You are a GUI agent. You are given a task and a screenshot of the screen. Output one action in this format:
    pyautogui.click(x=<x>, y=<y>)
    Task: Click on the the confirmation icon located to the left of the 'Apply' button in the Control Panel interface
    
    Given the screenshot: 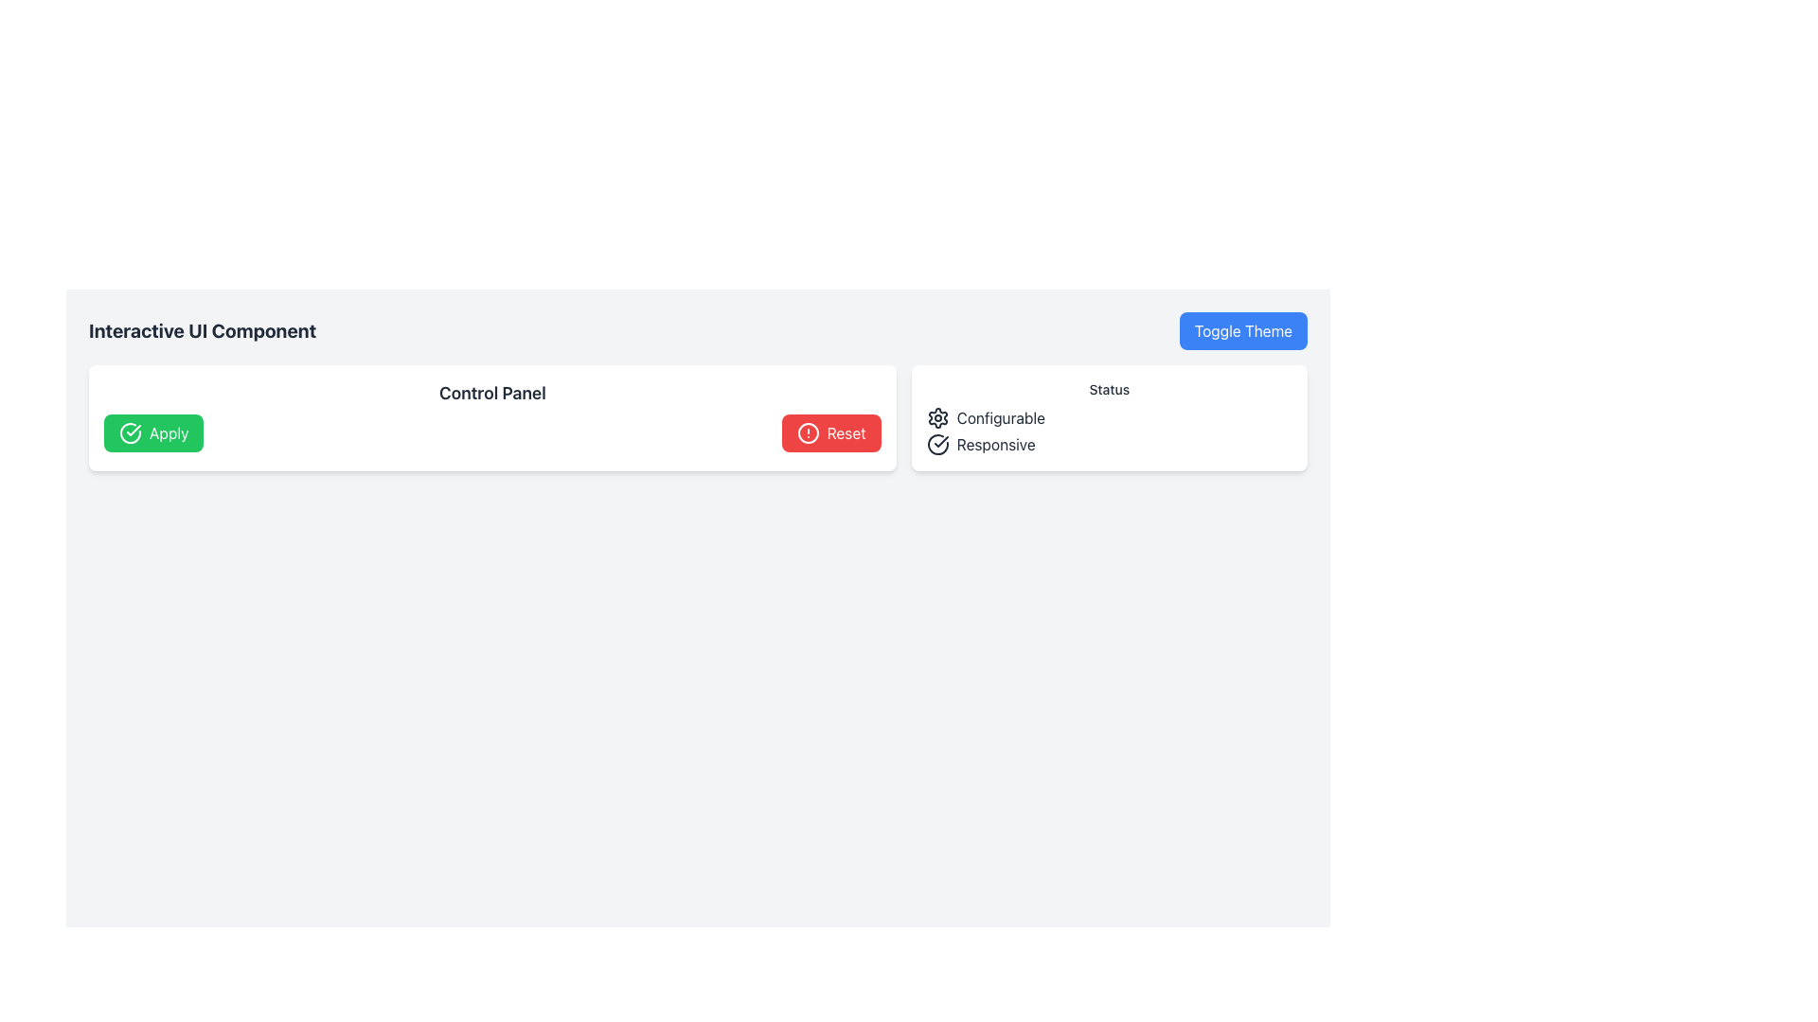 What is the action you would take?
    pyautogui.click(x=130, y=433)
    